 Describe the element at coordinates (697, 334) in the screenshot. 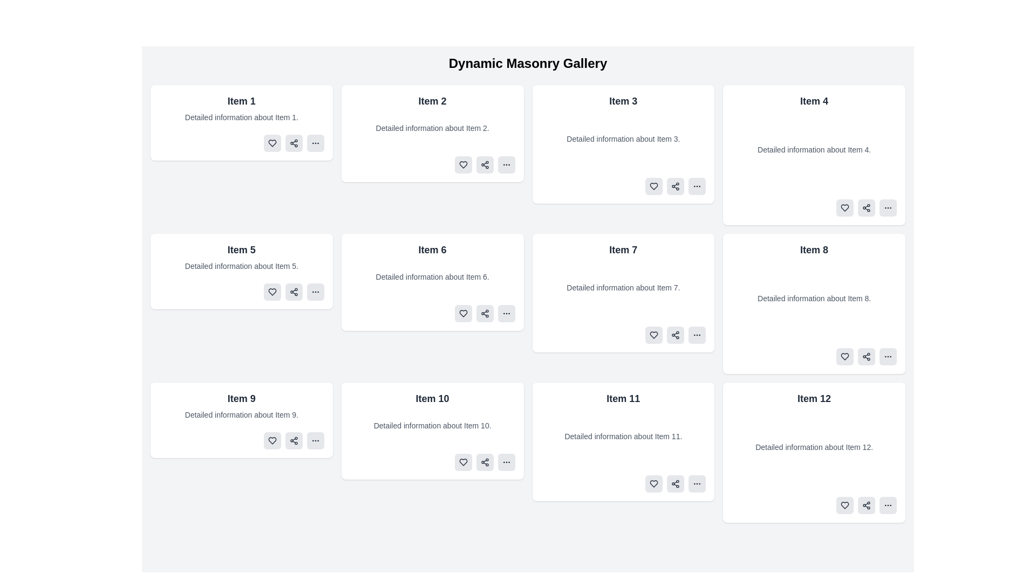

I see `the button located at the bottom right of the 'Item 7' box` at that location.